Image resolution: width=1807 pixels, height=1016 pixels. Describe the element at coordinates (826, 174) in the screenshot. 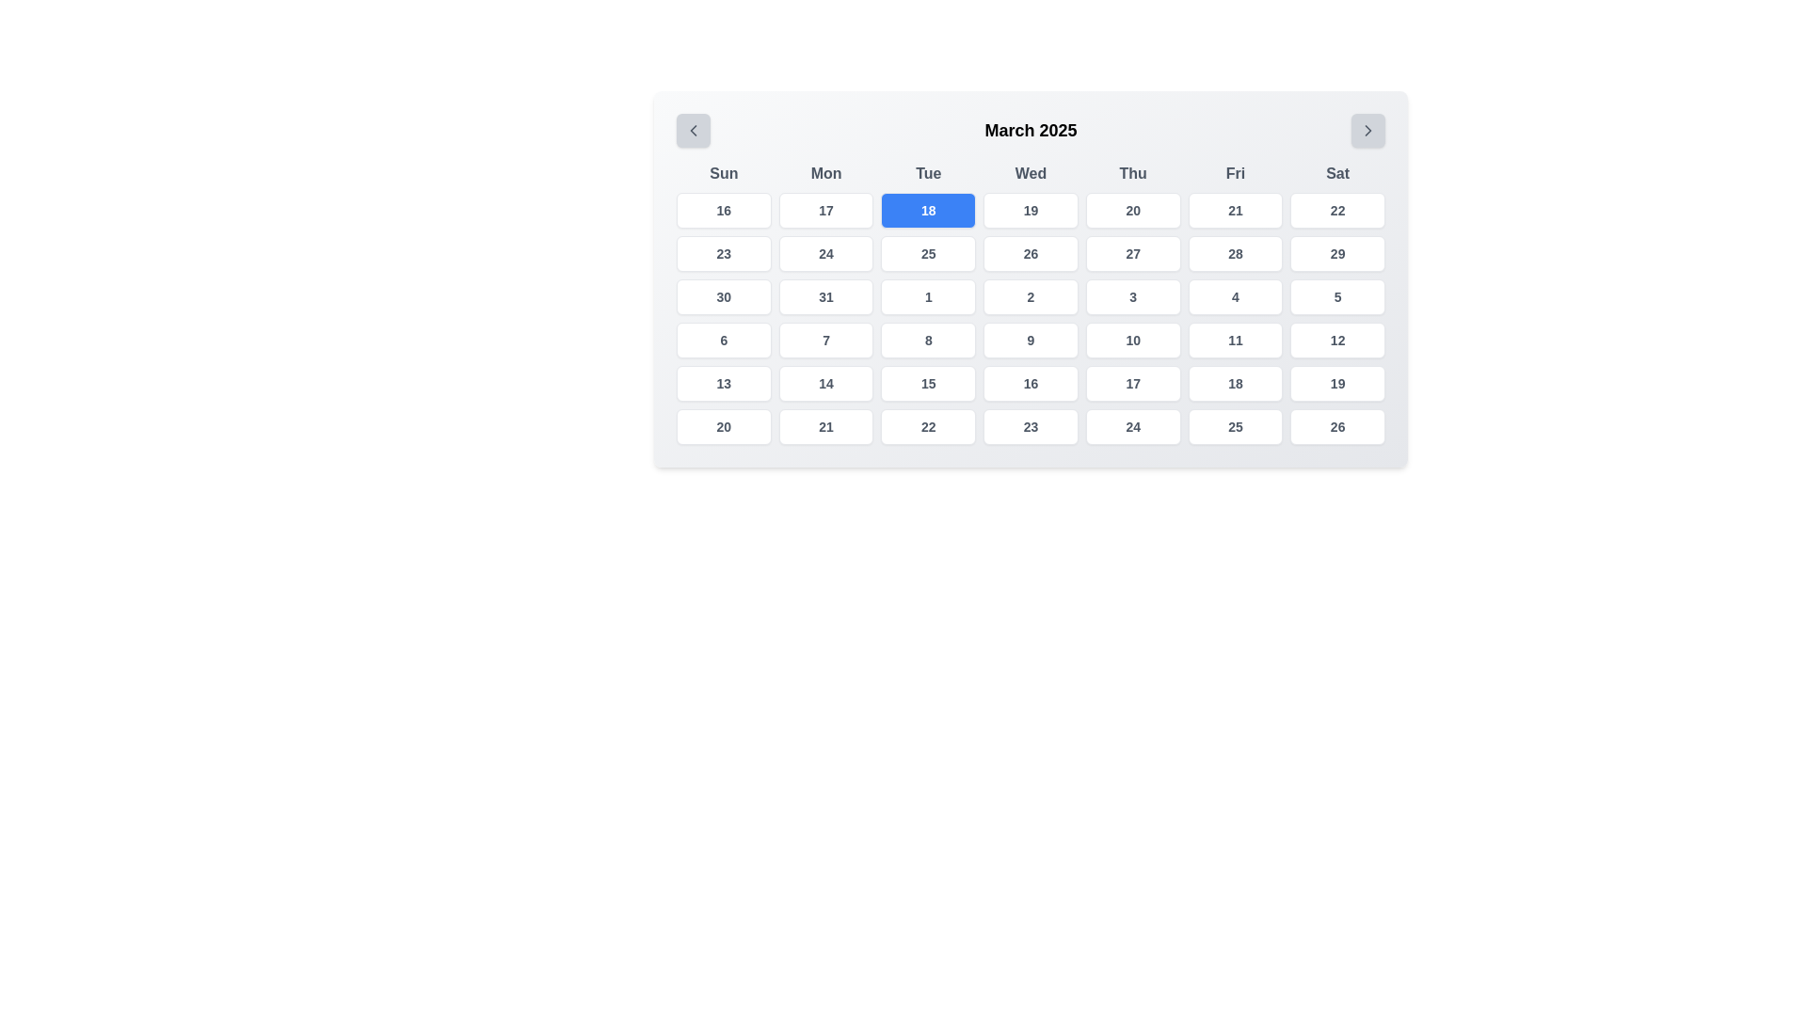

I see `the label 'Mon', which is styled in bold and is the second header in a row of days of the week, positioned between 'Sun' and 'Tue'` at that location.